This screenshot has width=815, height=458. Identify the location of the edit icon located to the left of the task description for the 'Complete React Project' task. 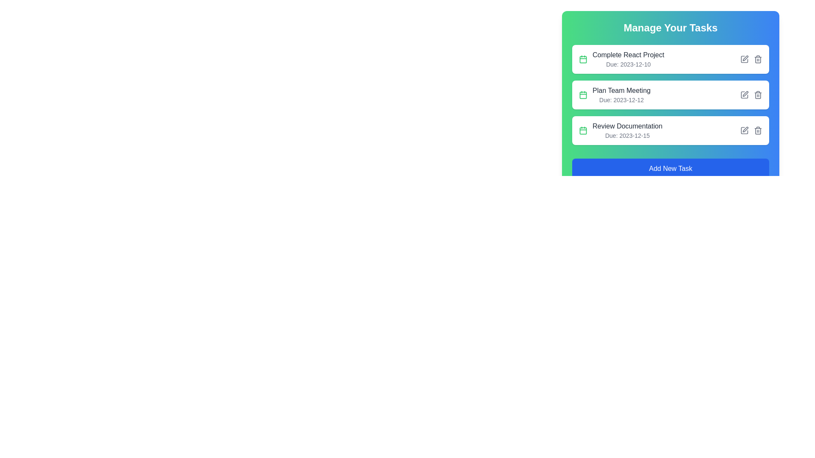
(744, 59).